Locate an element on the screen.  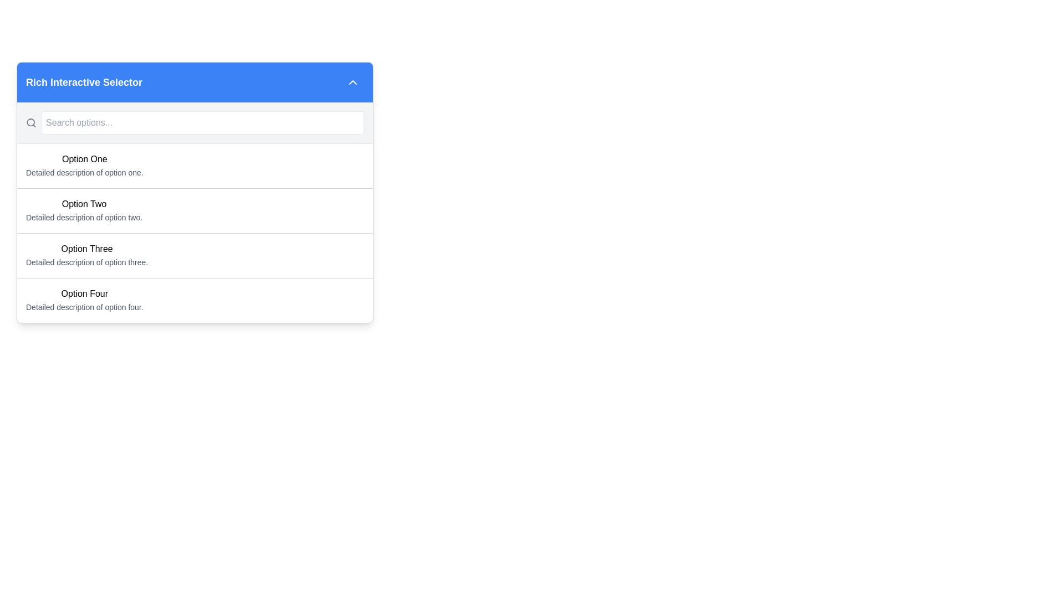
the list item titled 'Option Two' with the description 'Detailed description of option two' to select it is located at coordinates (84, 211).